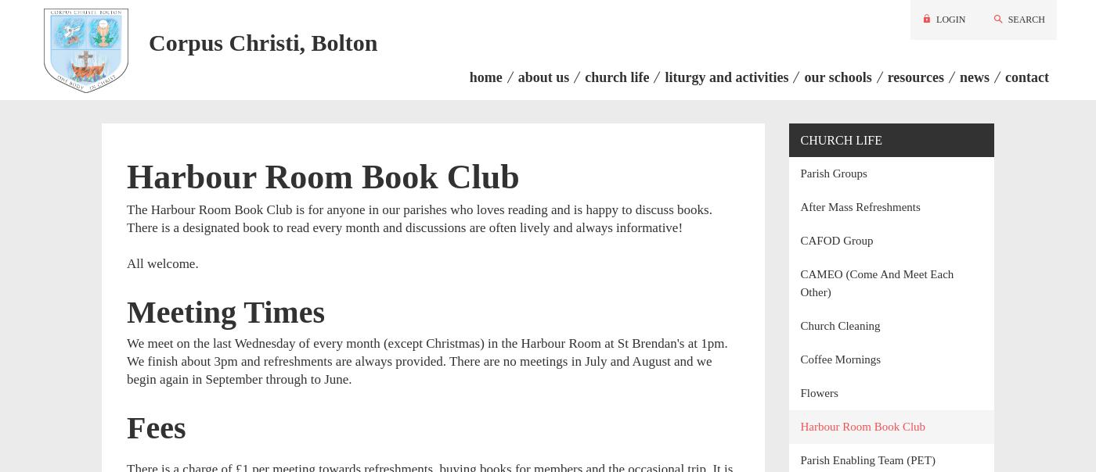  What do you see at coordinates (419, 369) in the screenshot?
I see `'There are no meetings in July and August and we begin again in September through to June.'` at bounding box center [419, 369].